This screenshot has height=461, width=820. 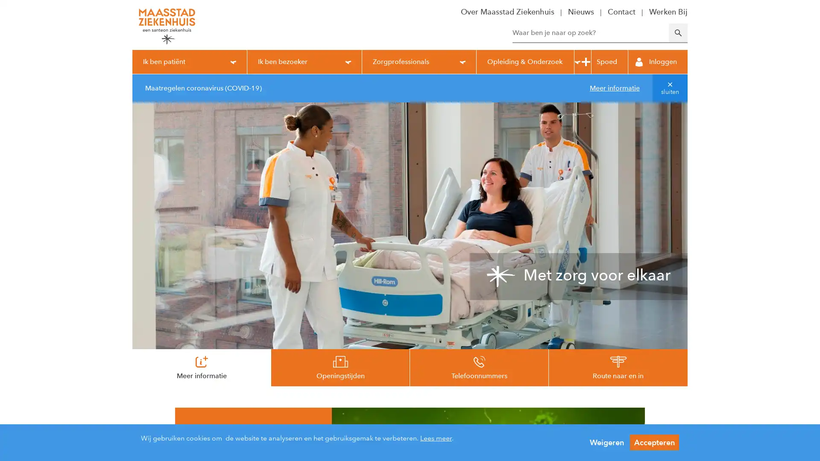 I want to click on Ik ben patient, so click(x=189, y=61).